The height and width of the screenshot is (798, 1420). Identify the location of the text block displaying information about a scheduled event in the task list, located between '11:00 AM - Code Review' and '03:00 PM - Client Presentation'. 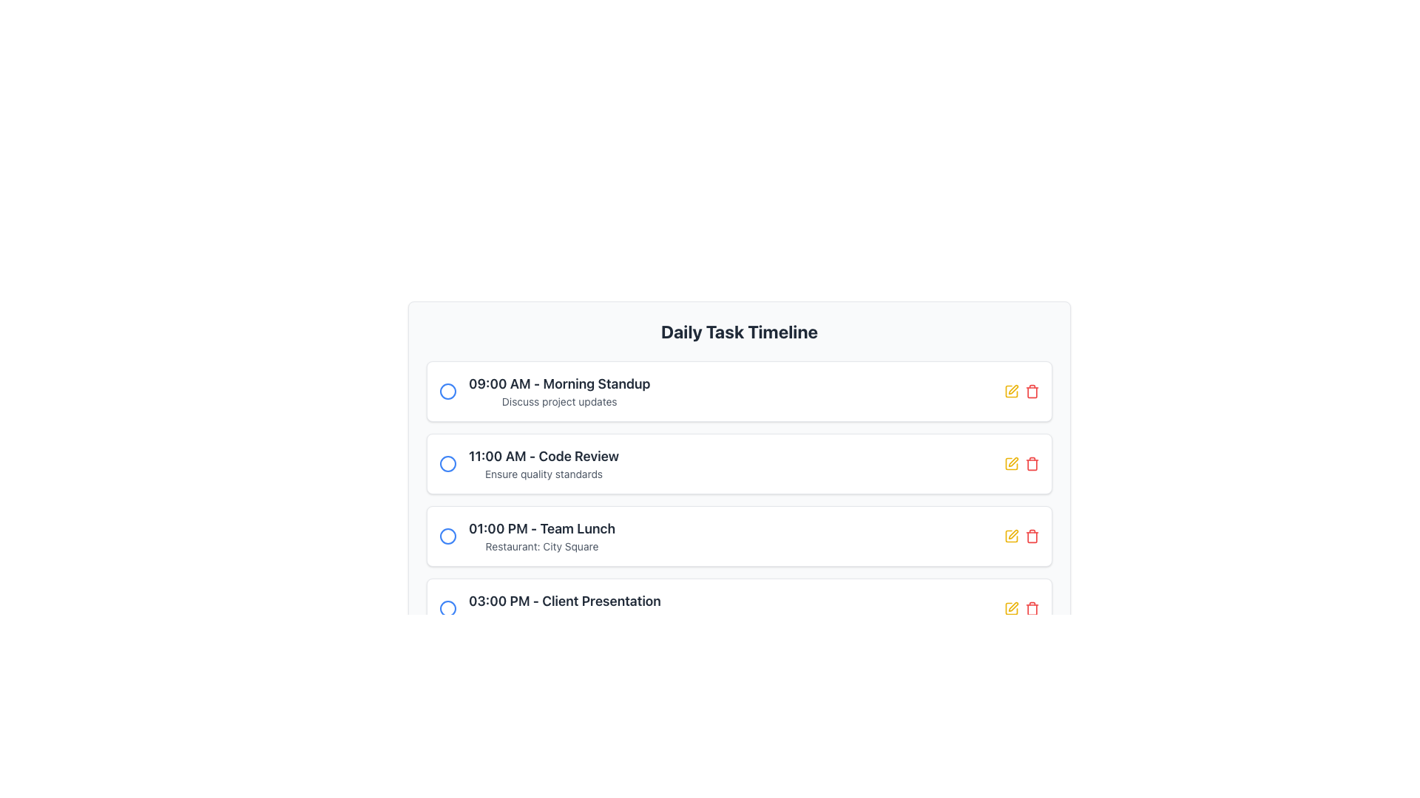
(527, 536).